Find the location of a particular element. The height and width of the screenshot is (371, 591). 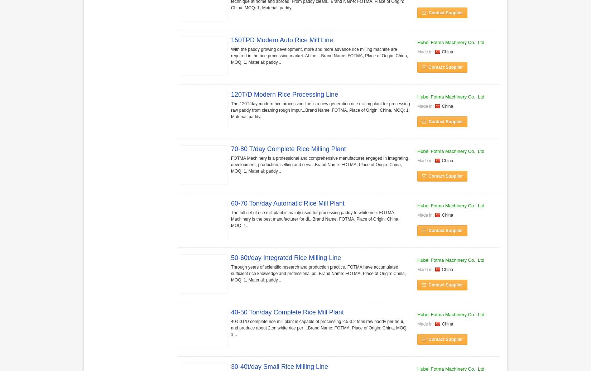

'FOTMA Machinery is a professional and comprehensive manufacturer engaged in integrating development, production, selling and servi...Brand Name: FOTMA, Place of Origin: China, MOQ: 1, Material: paddy...' is located at coordinates (319, 164).